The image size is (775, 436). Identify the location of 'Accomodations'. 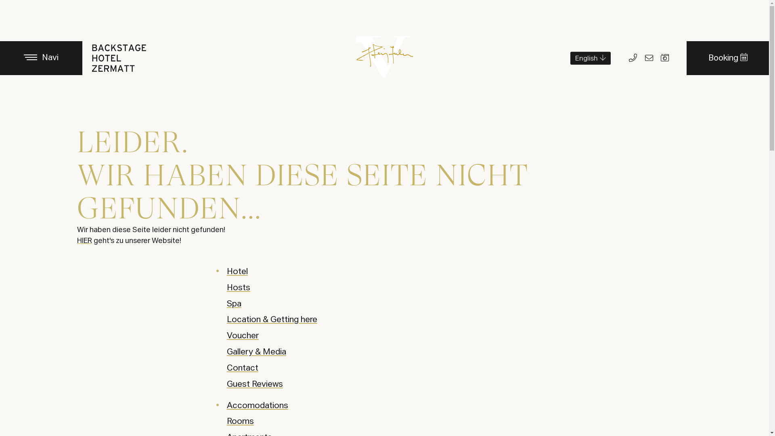
(257, 405).